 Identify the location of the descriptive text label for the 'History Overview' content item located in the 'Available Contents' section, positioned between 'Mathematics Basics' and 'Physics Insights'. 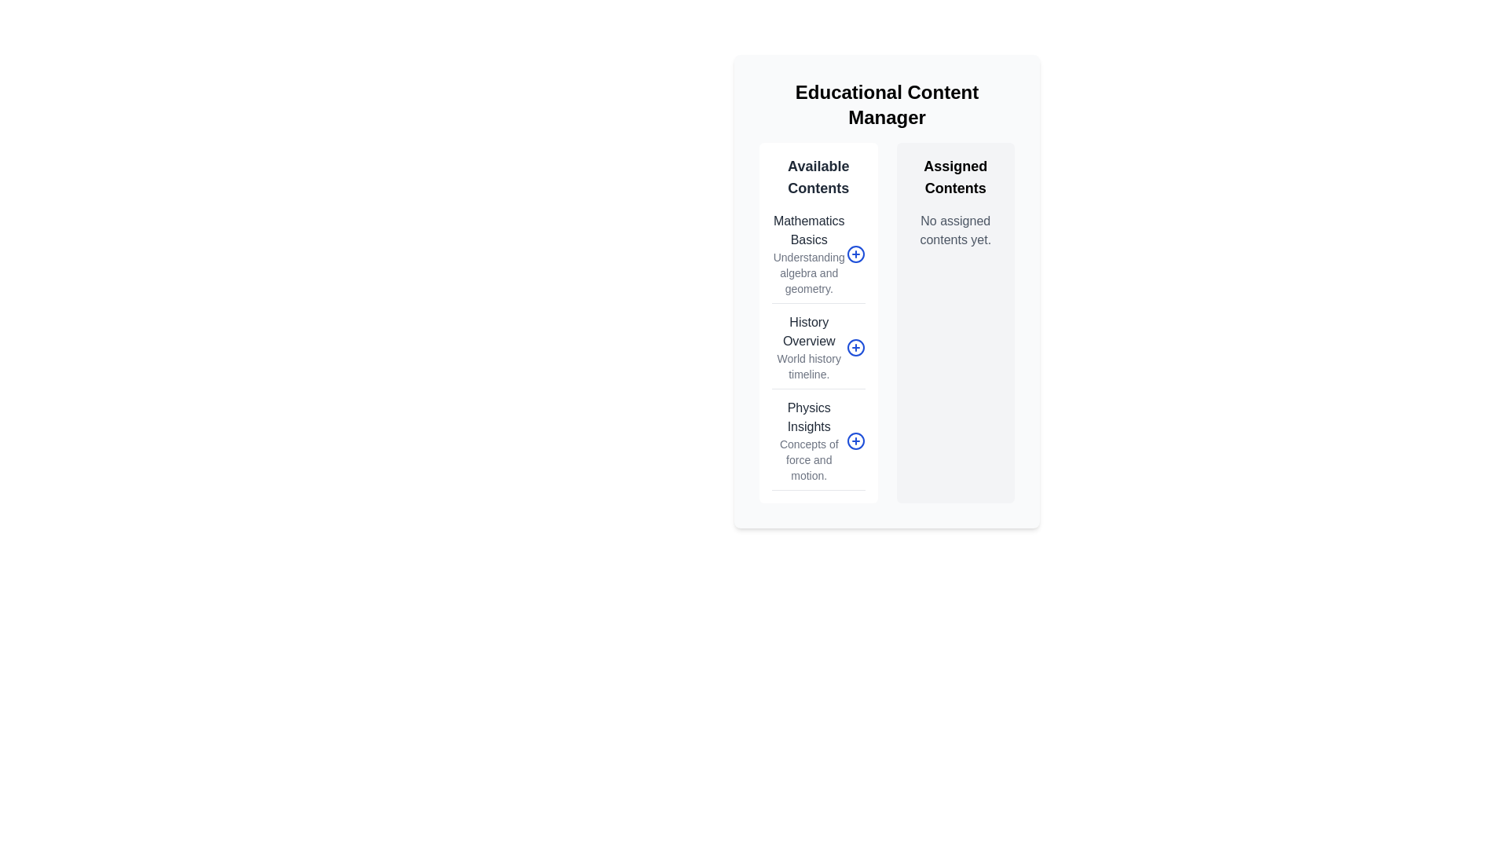
(809, 366).